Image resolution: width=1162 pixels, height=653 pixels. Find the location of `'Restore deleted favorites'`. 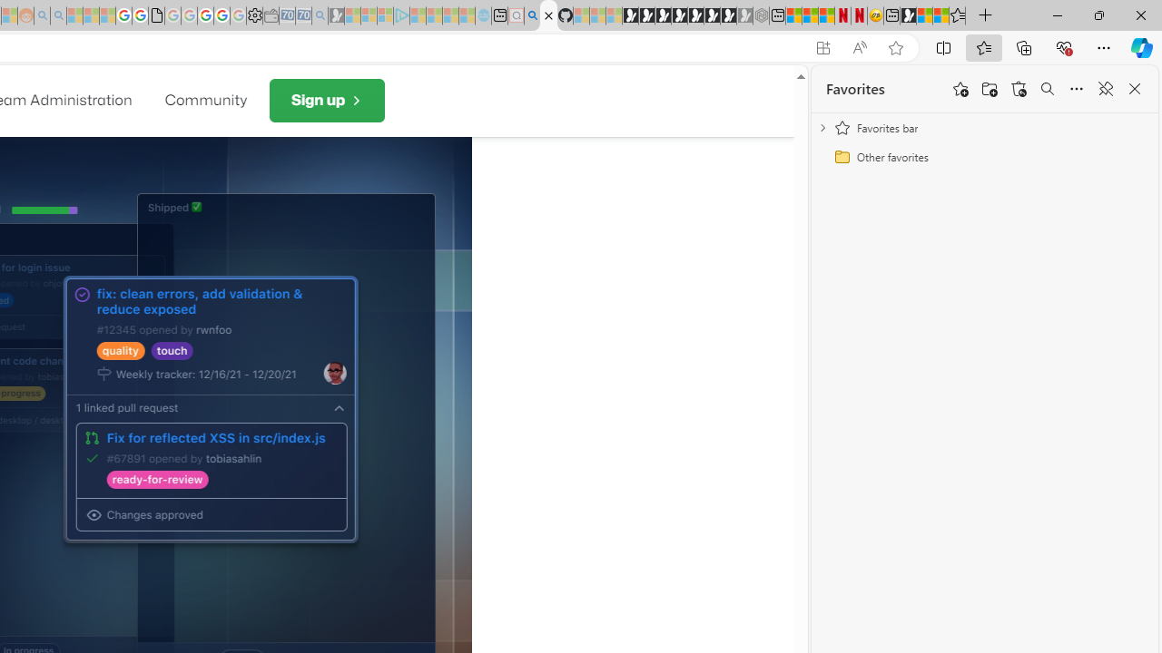

'Restore deleted favorites' is located at coordinates (1019, 89).